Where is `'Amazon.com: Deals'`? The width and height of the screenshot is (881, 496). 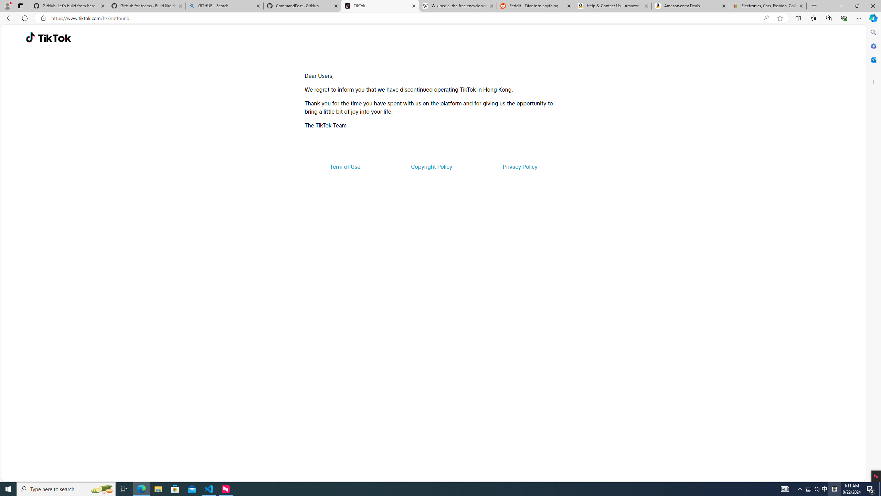 'Amazon.com: Deals' is located at coordinates (690, 6).